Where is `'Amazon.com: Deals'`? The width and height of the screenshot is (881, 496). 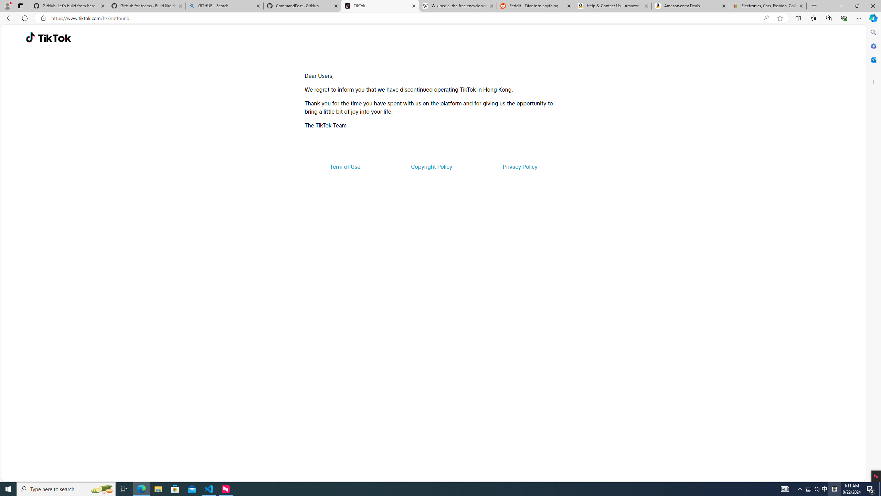 'Amazon.com: Deals' is located at coordinates (690, 6).